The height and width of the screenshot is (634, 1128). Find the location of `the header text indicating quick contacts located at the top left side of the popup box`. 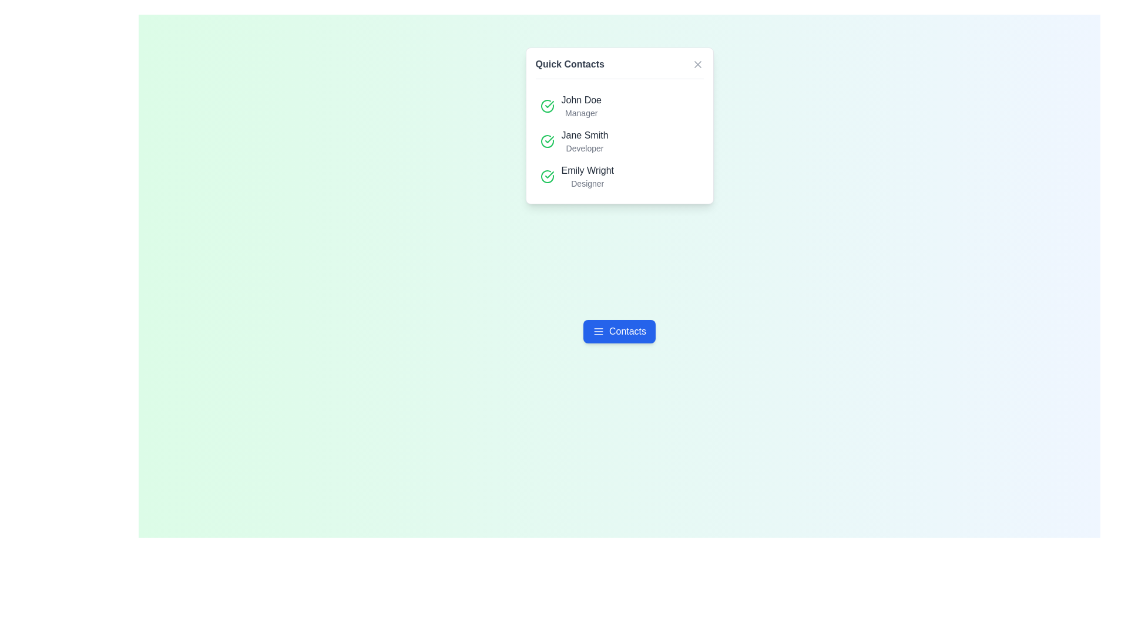

the header text indicating quick contacts located at the top left side of the popup box is located at coordinates (570, 65).